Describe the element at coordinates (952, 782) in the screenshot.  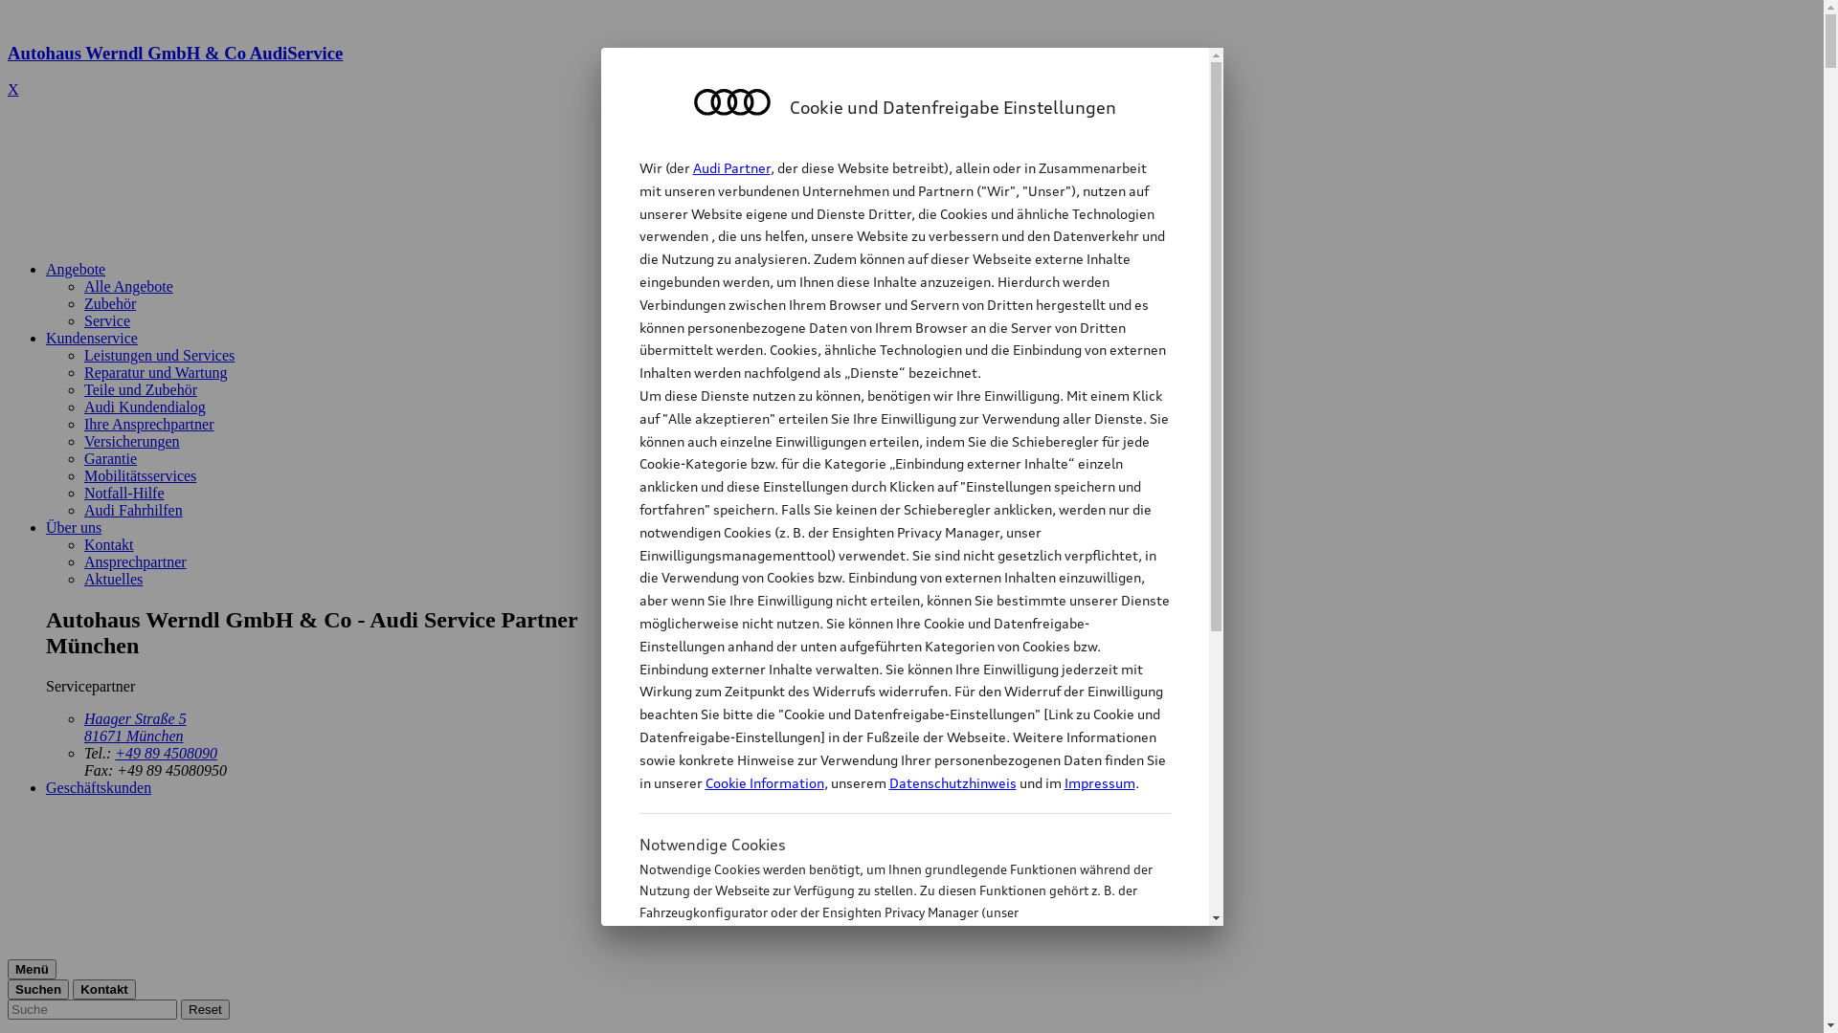
I see `'Datenschutzhinweis'` at that location.